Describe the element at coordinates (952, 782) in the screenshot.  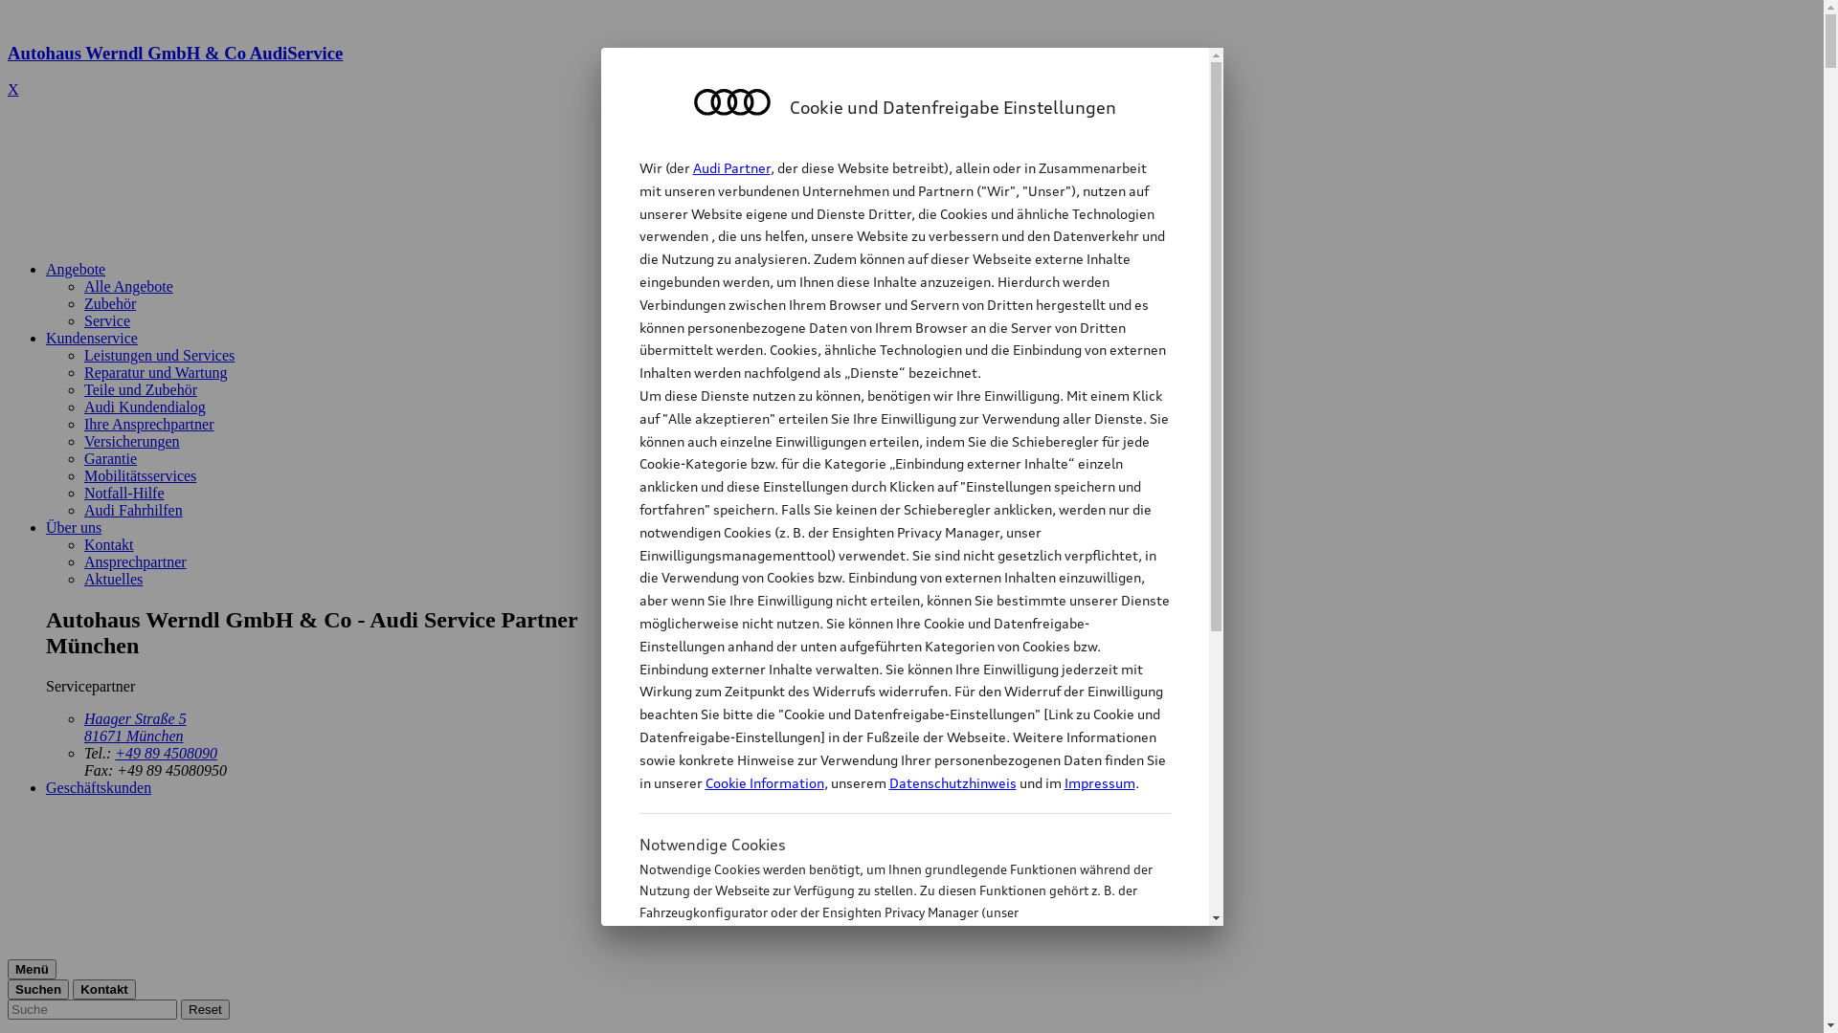
I see `'Datenschutzhinweis'` at that location.